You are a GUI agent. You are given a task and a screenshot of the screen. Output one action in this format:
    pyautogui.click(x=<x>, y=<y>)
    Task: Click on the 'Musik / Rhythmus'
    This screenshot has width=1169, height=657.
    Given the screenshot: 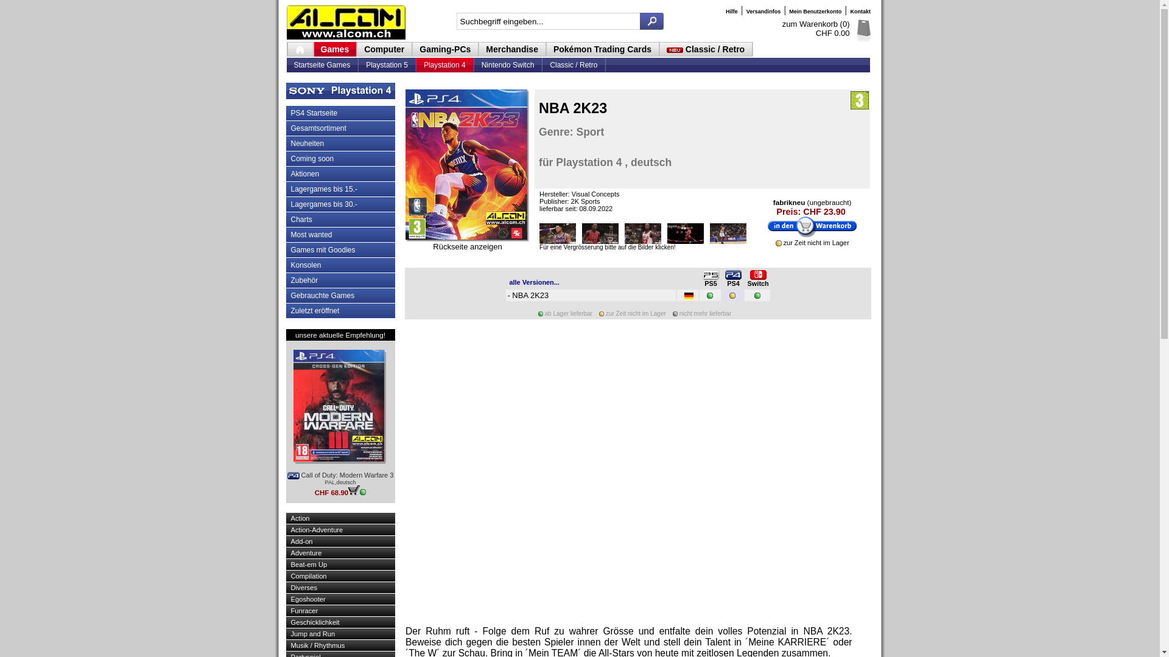 What is the action you would take?
    pyautogui.click(x=286, y=644)
    